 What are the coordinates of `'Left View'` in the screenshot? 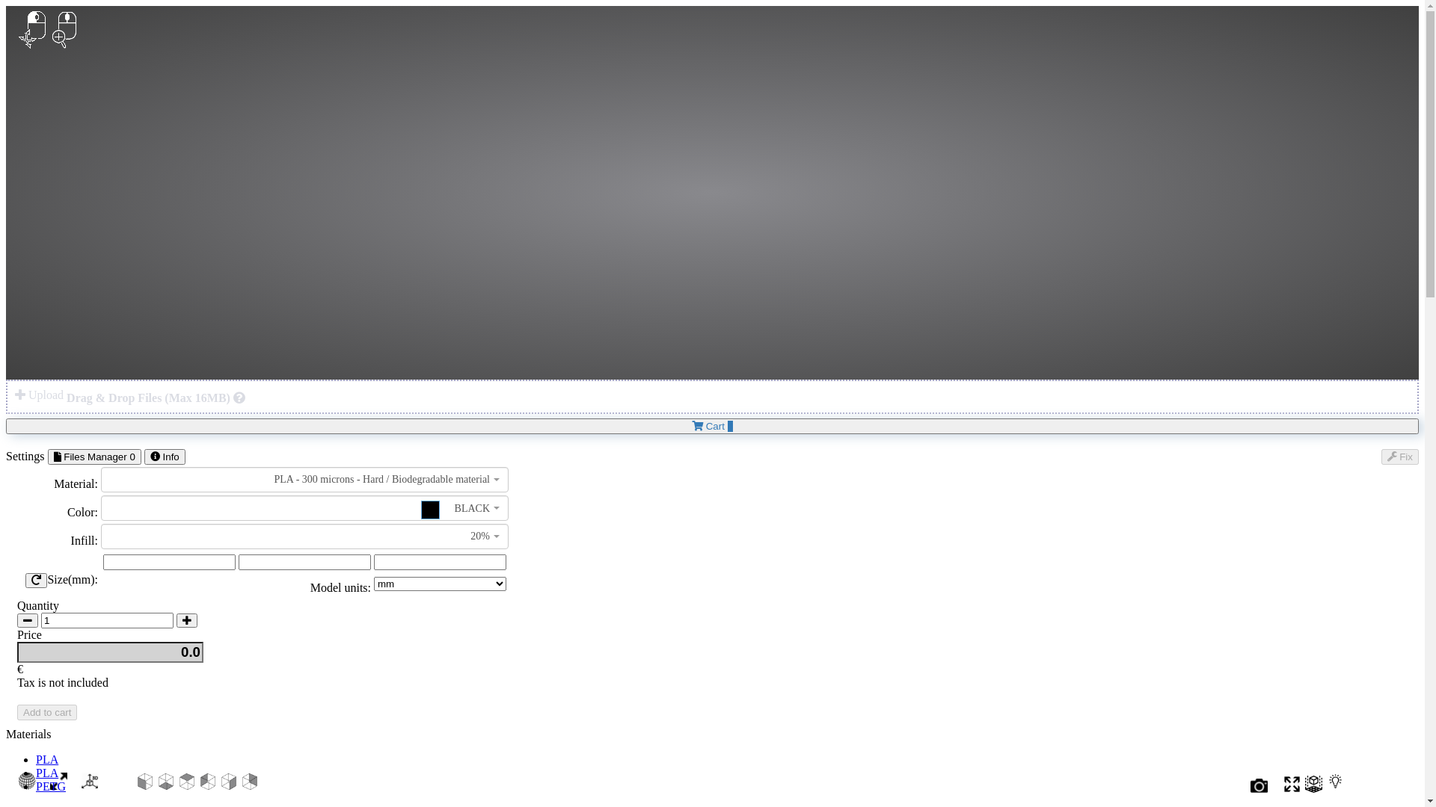 It's located at (207, 785).